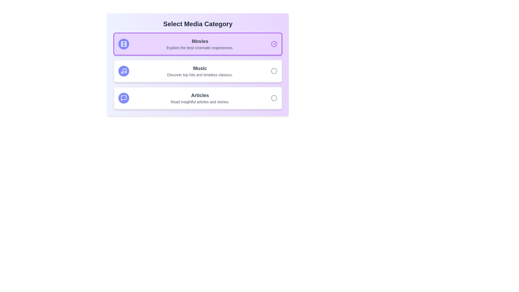 This screenshot has width=519, height=292. What do you see at coordinates (199, 102) in the screenshot?
I see `the text providing additional information about the 'Articles' option in the media category selection list, which is located below the 'Articles' text` at bounding box center [199, 102].